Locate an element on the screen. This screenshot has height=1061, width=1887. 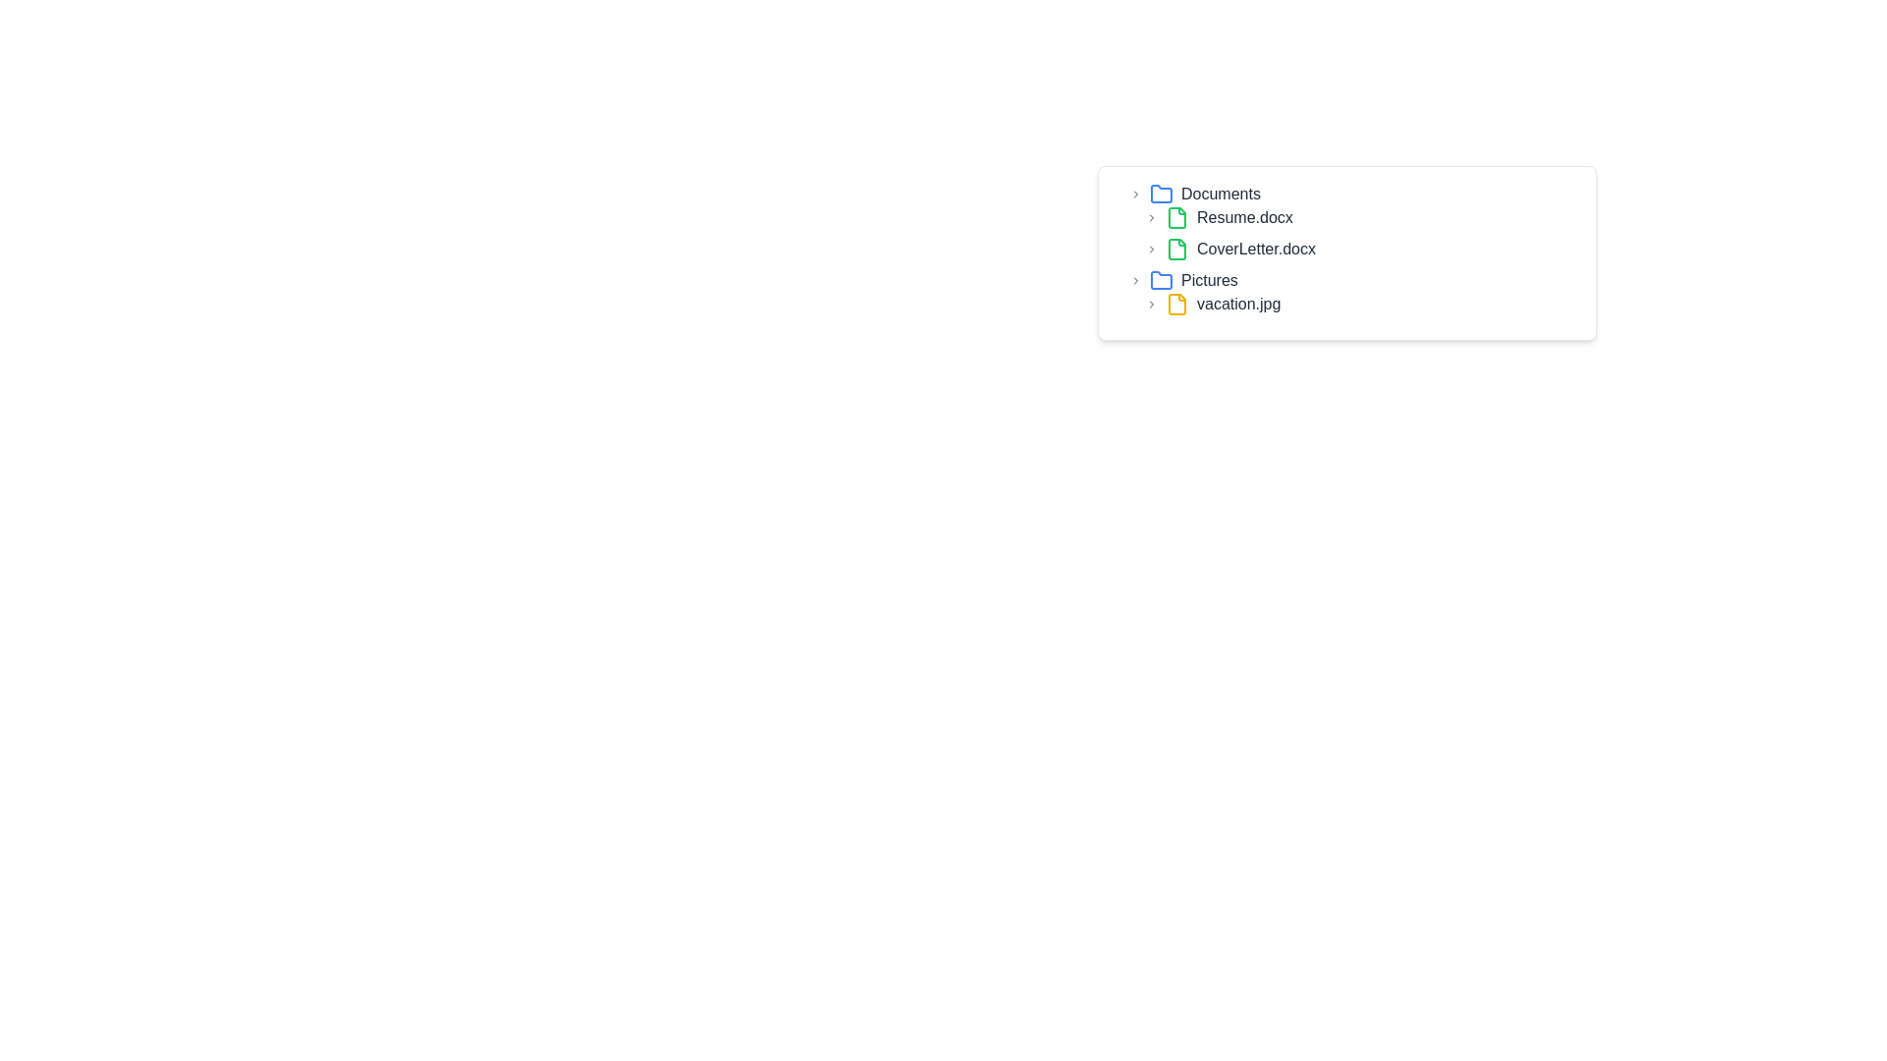
the text label displaying the folder item named 'Documents' is located at coordinates (1220, 194).